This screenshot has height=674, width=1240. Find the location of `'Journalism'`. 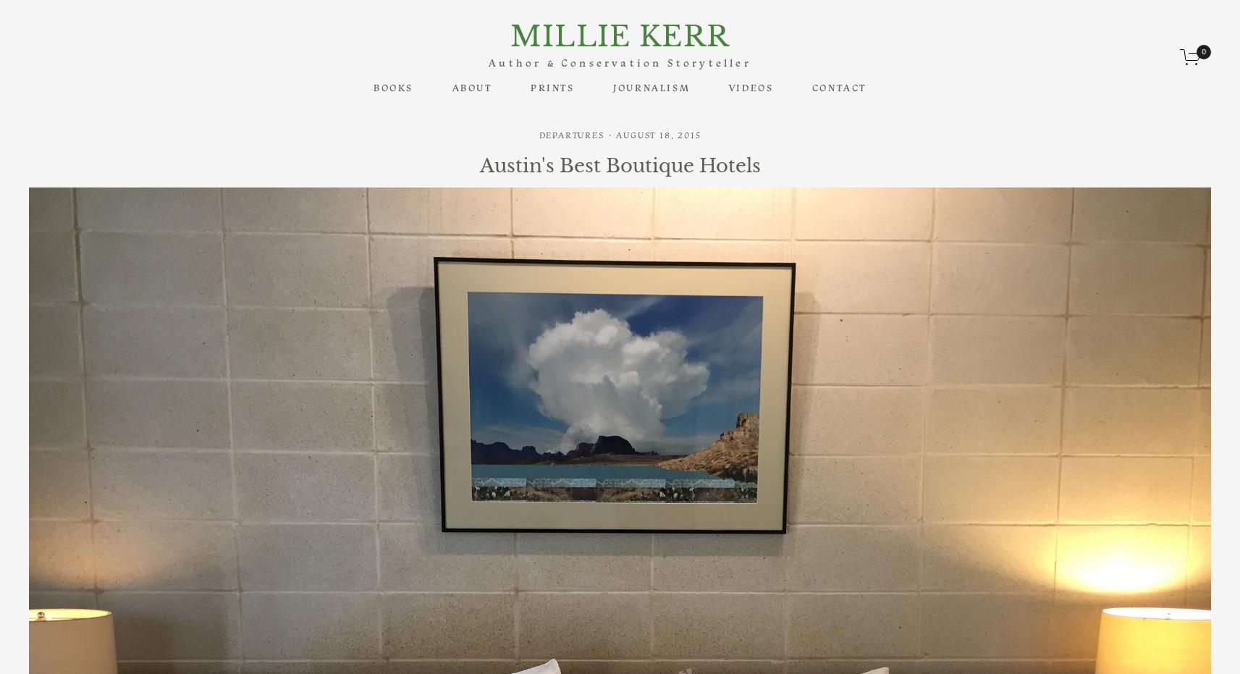

'Journalism' is located at coordinates (651, 88).